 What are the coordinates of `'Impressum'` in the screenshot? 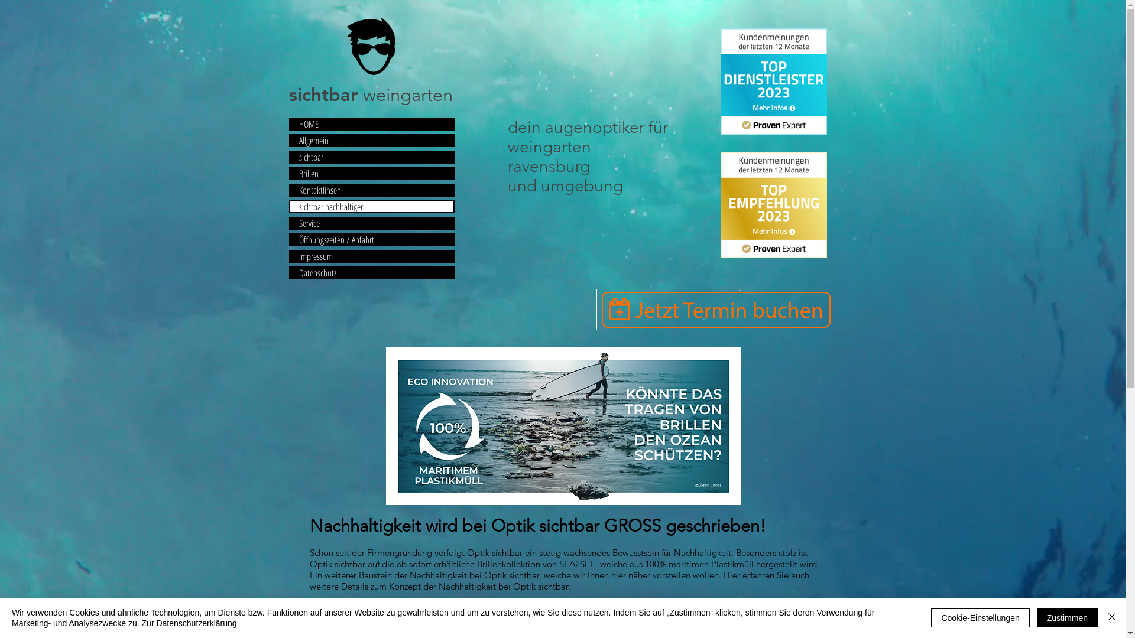 It's located at (371, 256).